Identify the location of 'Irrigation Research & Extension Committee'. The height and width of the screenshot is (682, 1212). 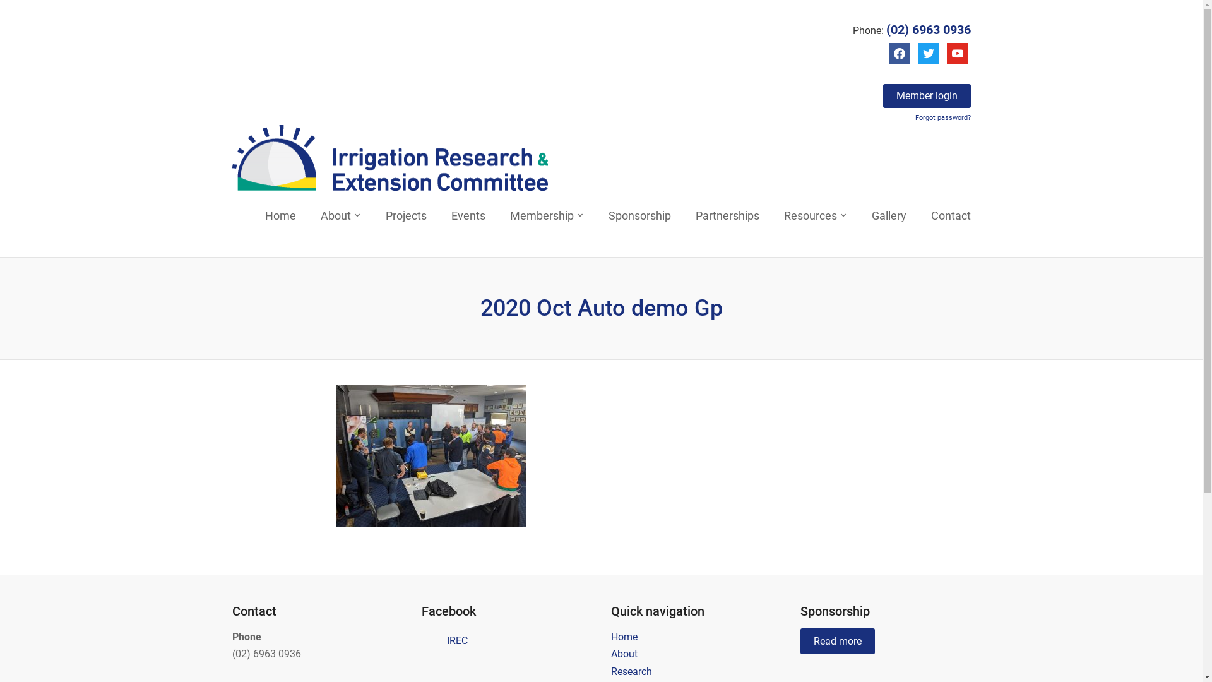
(389, 157).